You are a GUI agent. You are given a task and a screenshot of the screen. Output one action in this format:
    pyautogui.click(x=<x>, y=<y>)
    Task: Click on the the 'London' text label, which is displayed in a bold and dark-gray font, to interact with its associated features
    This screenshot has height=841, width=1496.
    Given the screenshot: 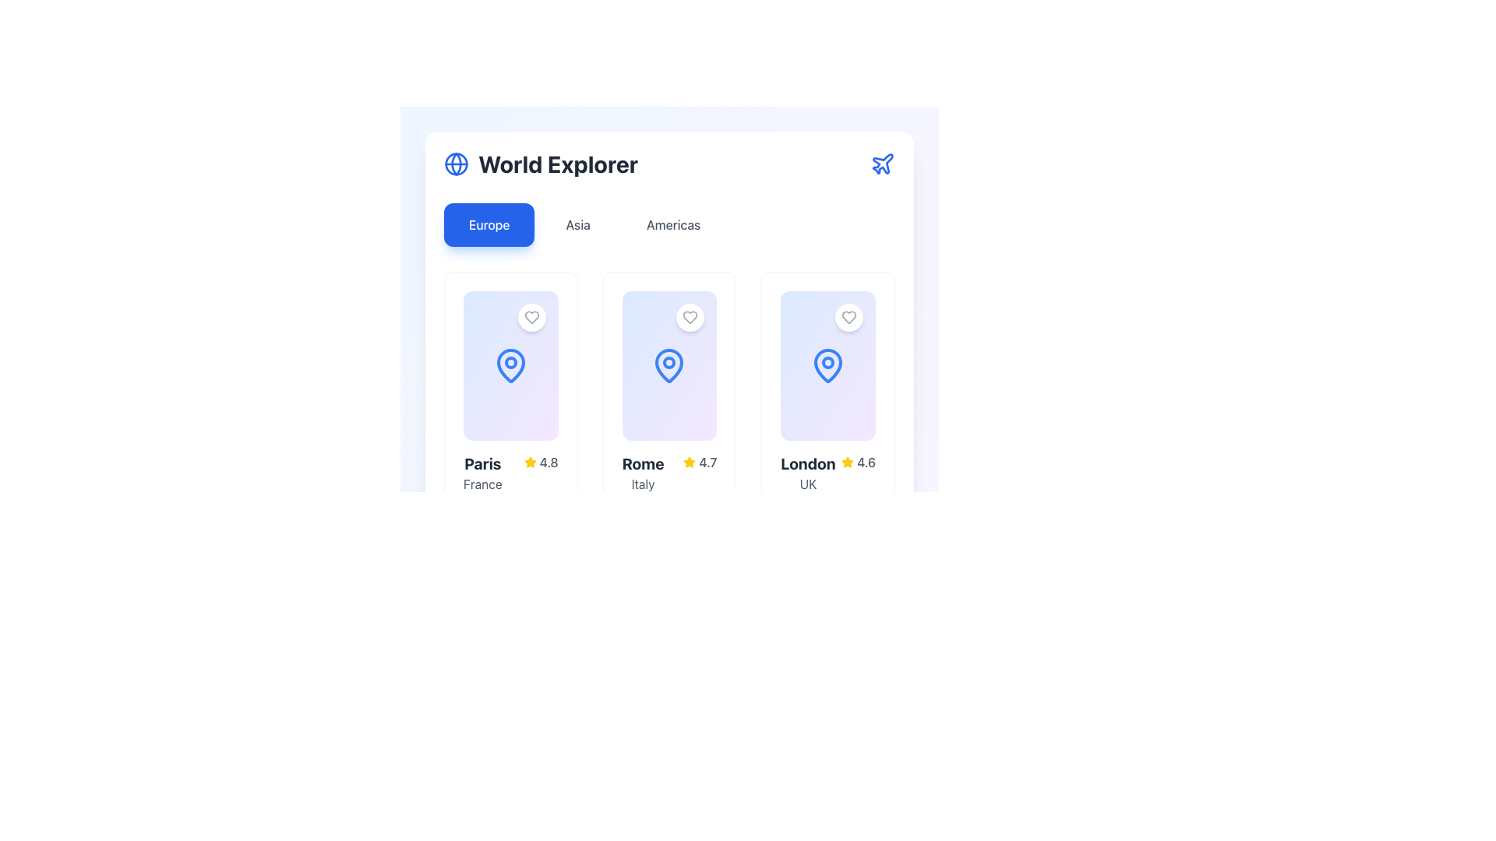 What is the action you would take?
    pyautogui.click(x=807, y=463)
    